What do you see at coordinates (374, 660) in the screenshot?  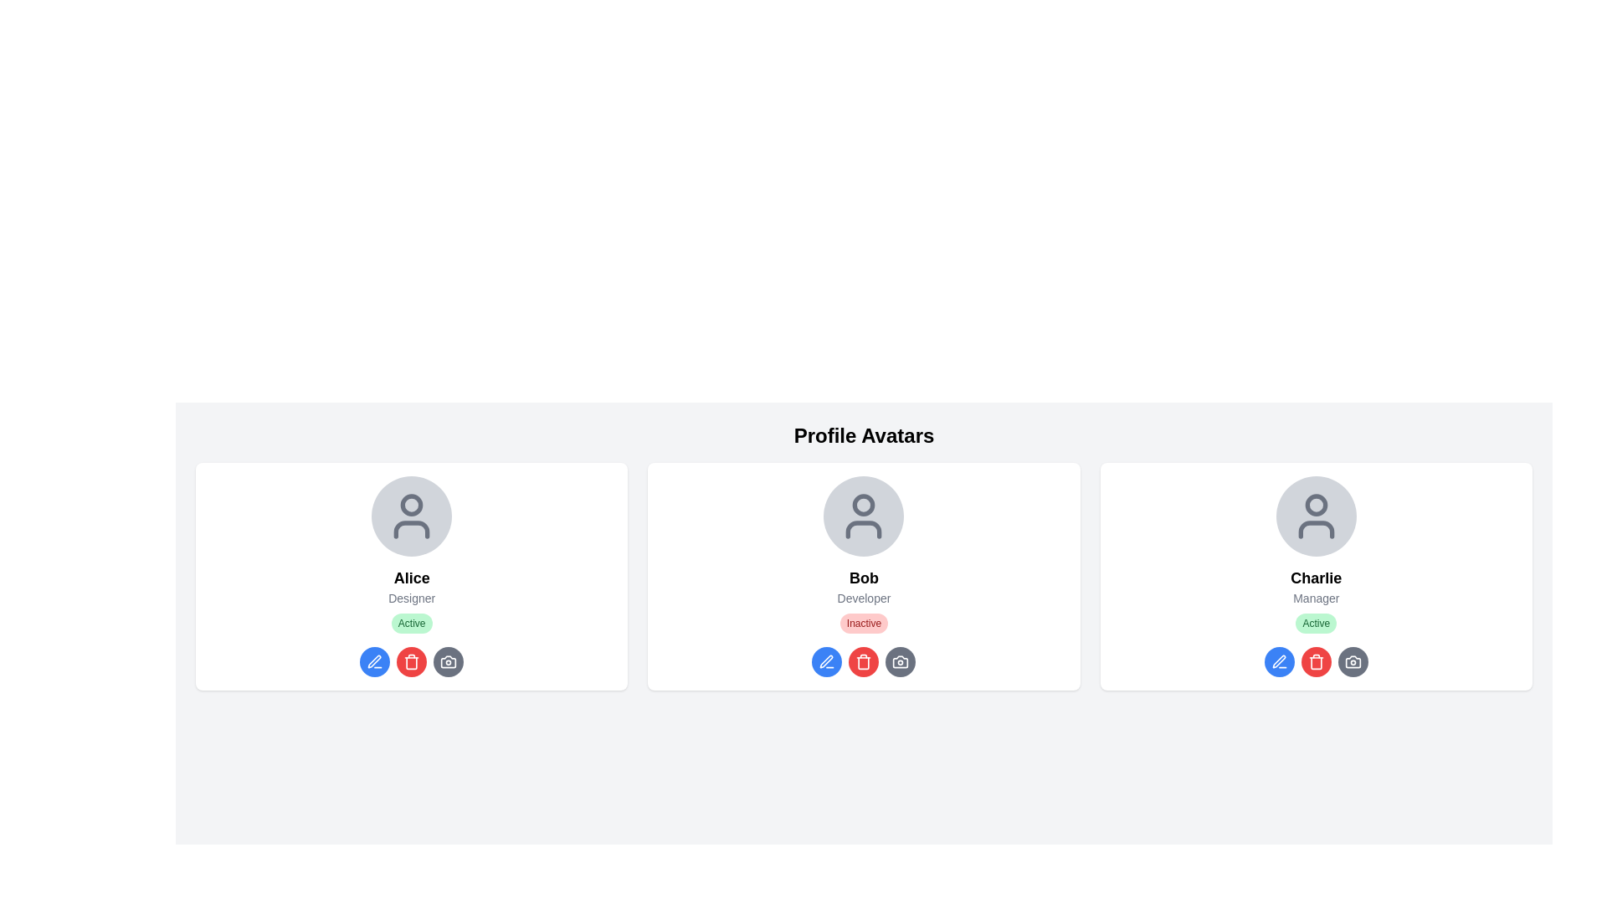 I see `the button with a pen icon to initiate an editing action related to the profile of 'Alice', which is the first button in the horizontal group below the user profile card` at bounding box center [374, 660].